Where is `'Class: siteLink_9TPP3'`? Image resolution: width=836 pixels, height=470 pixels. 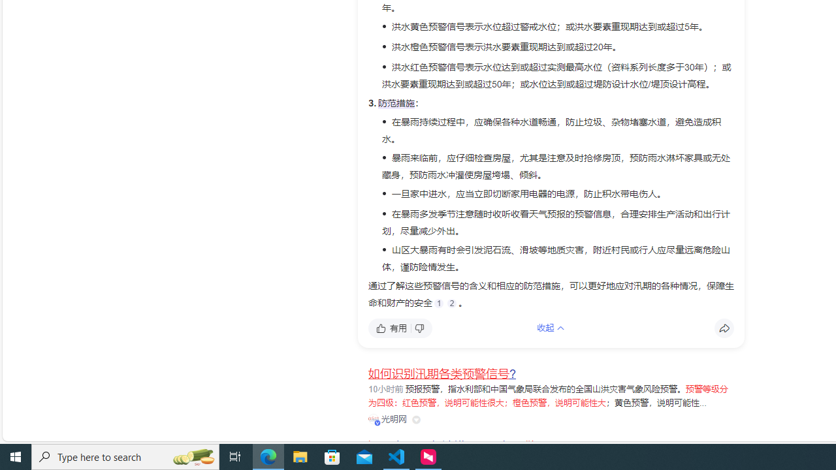
'Class: siteLink_9TPP3' is located at coordinates (387, 419).